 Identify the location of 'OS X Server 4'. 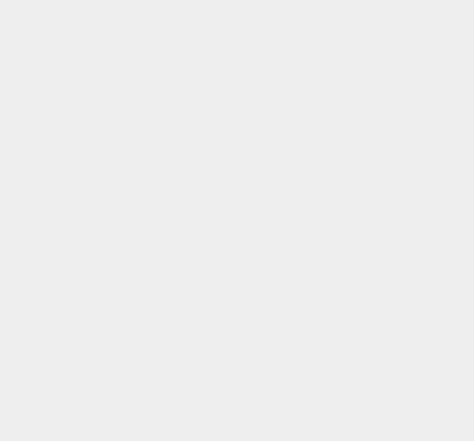
(352, 303).